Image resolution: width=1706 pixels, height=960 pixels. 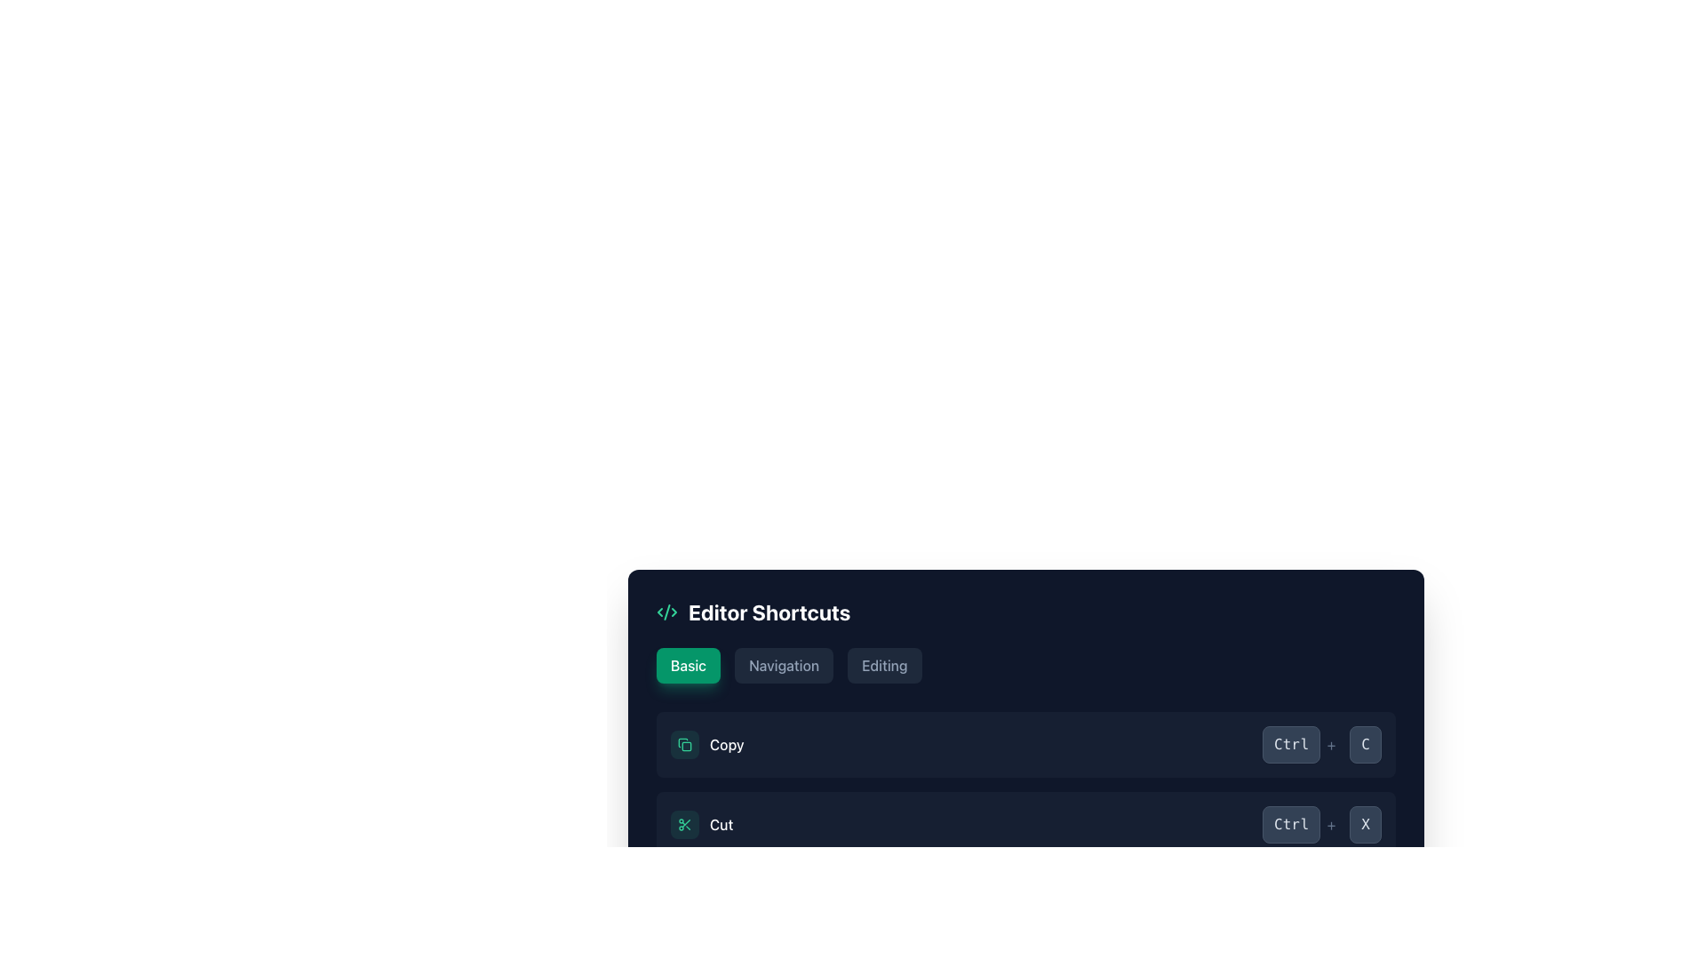 I want to click on the 'Ctrl' button styled element, which resembles a keyboard key and is part of the 'Ctrl+X' shortcut representation at the lower portion of the interface, so click(x=1303, y=825).